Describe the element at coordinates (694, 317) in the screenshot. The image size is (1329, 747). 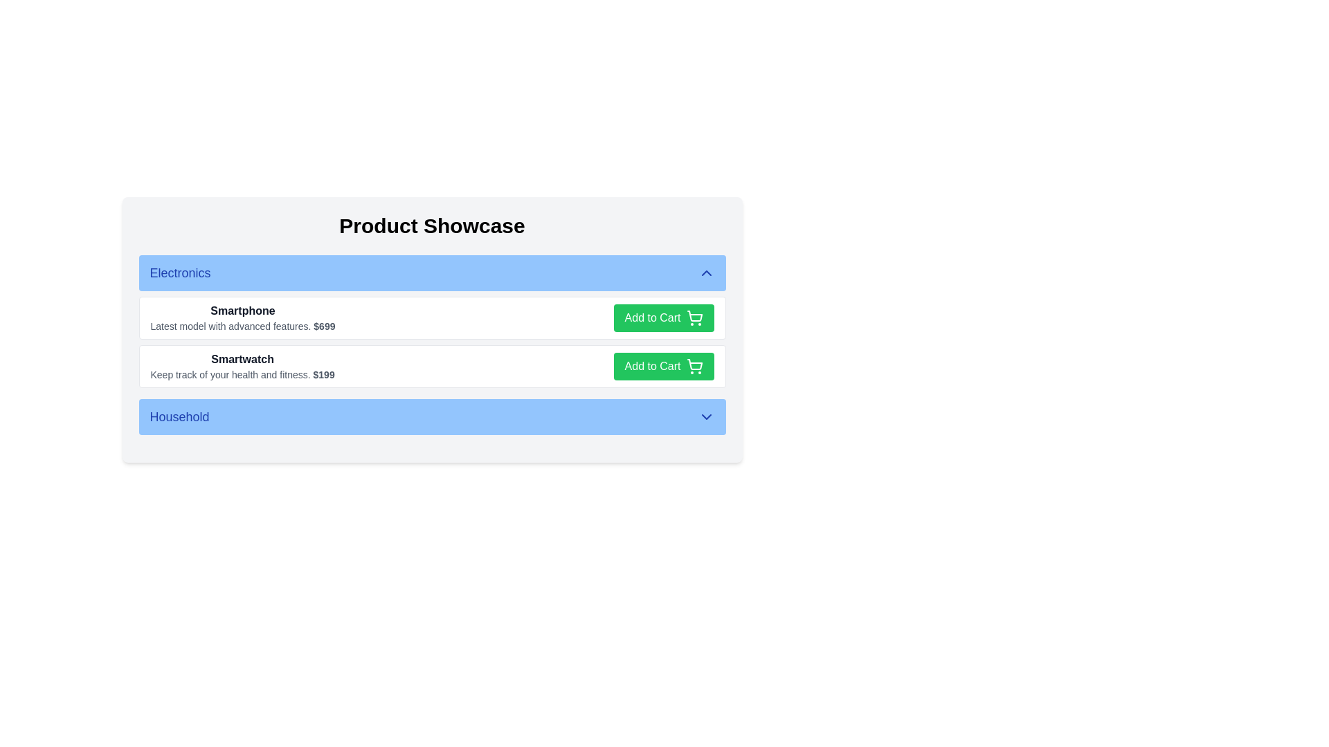
I see `the shopping cart icon located within the green 'Add to Cart' button, positioned to the right of the text label` at that location.